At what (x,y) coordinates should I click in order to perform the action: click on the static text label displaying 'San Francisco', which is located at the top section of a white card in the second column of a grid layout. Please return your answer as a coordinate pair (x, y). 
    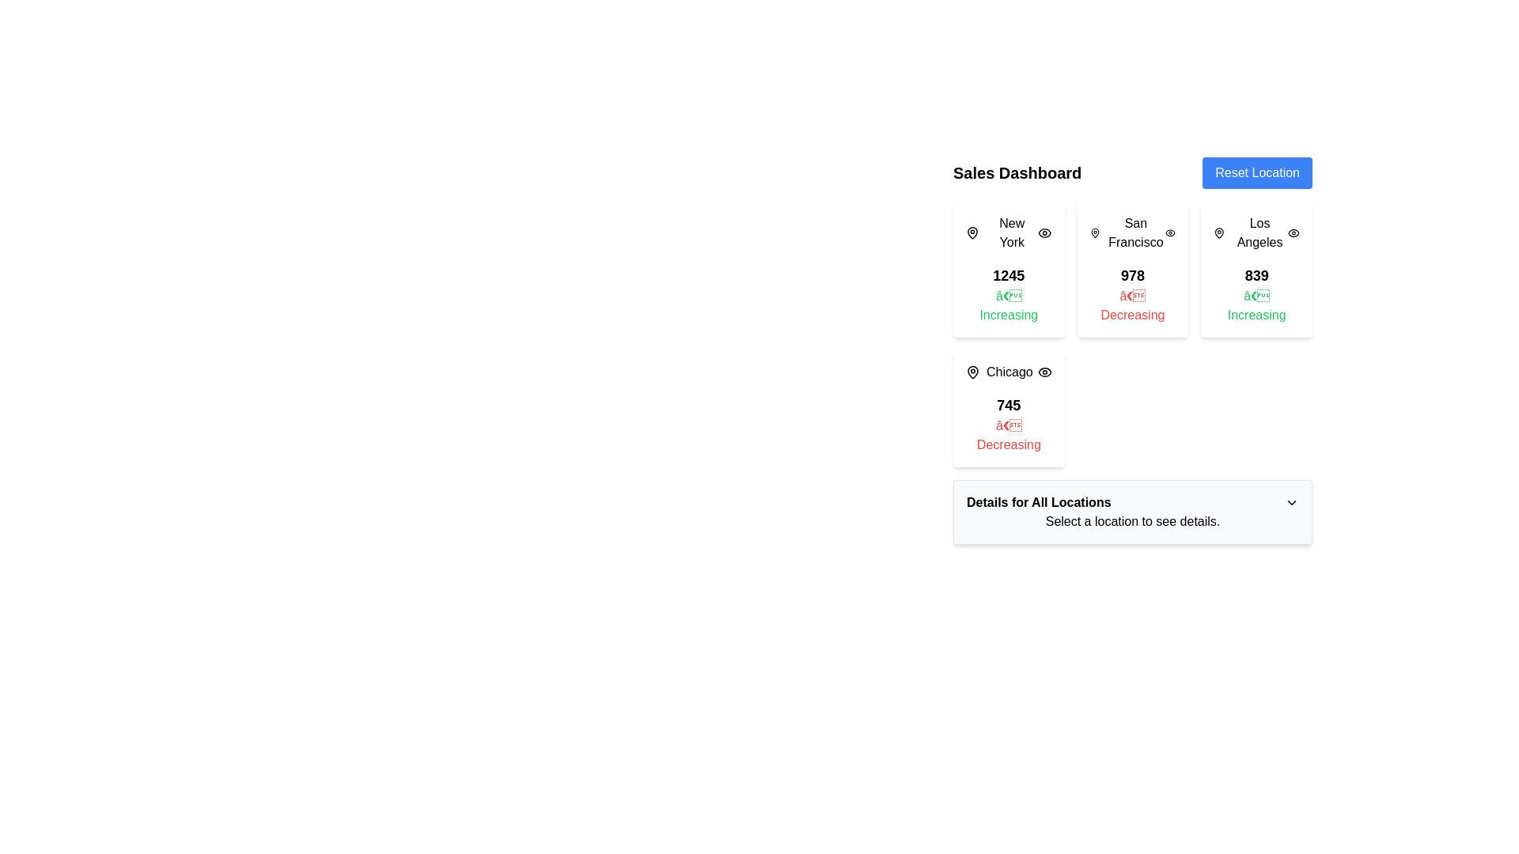
    Looking at the image, I should click on (1131, 232).